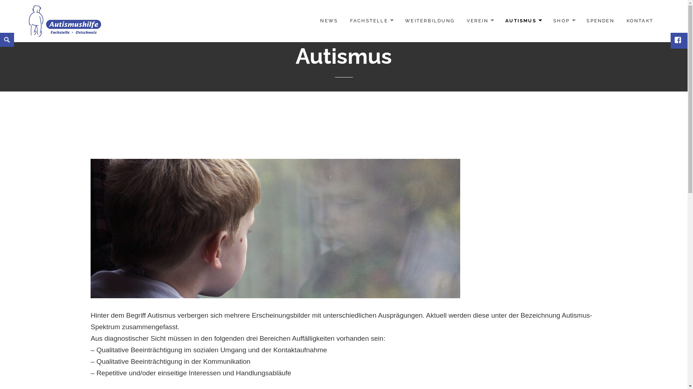 Image resolution: width=693 pixels, height=389 pixels. What do you see at coordinates (65, 20) in the screenshot?
I see `'Autismushife Ostschweiz'` at bounding box center [65, 20].